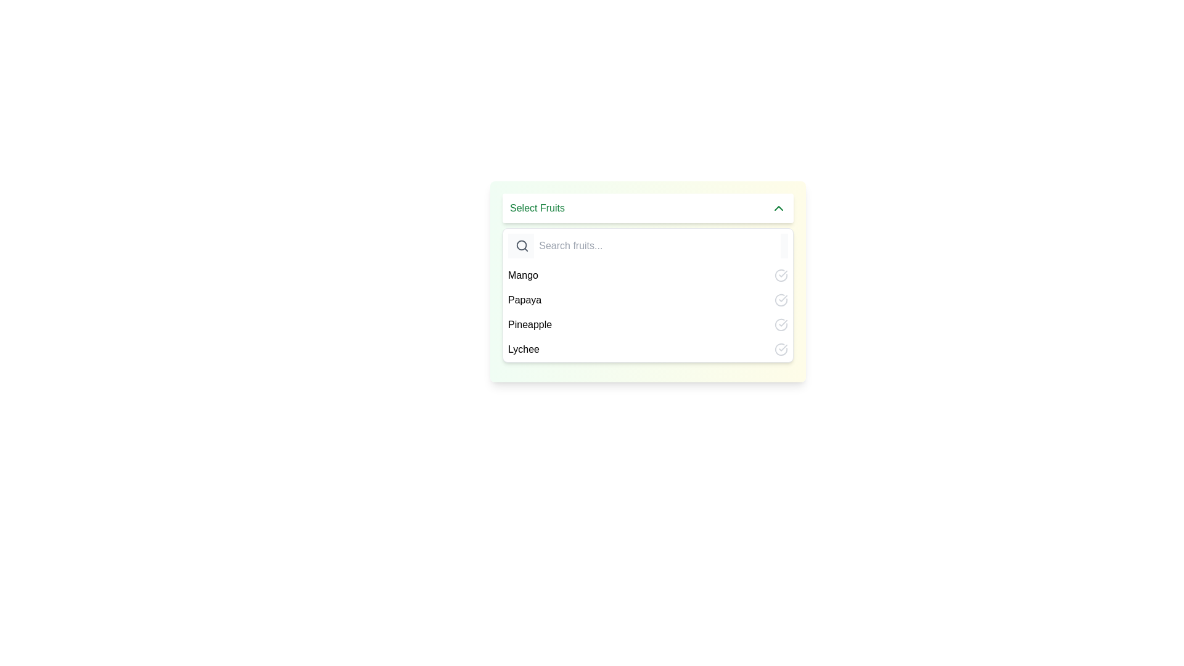  Describe the element at coordinates (525, 300) in the screenshot. I see `the text label reading 'Papaya'` at that location.